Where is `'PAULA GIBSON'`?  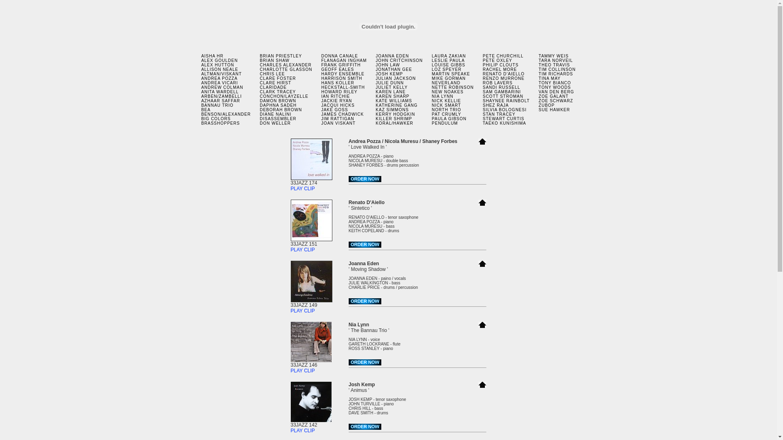
'PAULA GIBSON' is located at coordinates (431, 119).